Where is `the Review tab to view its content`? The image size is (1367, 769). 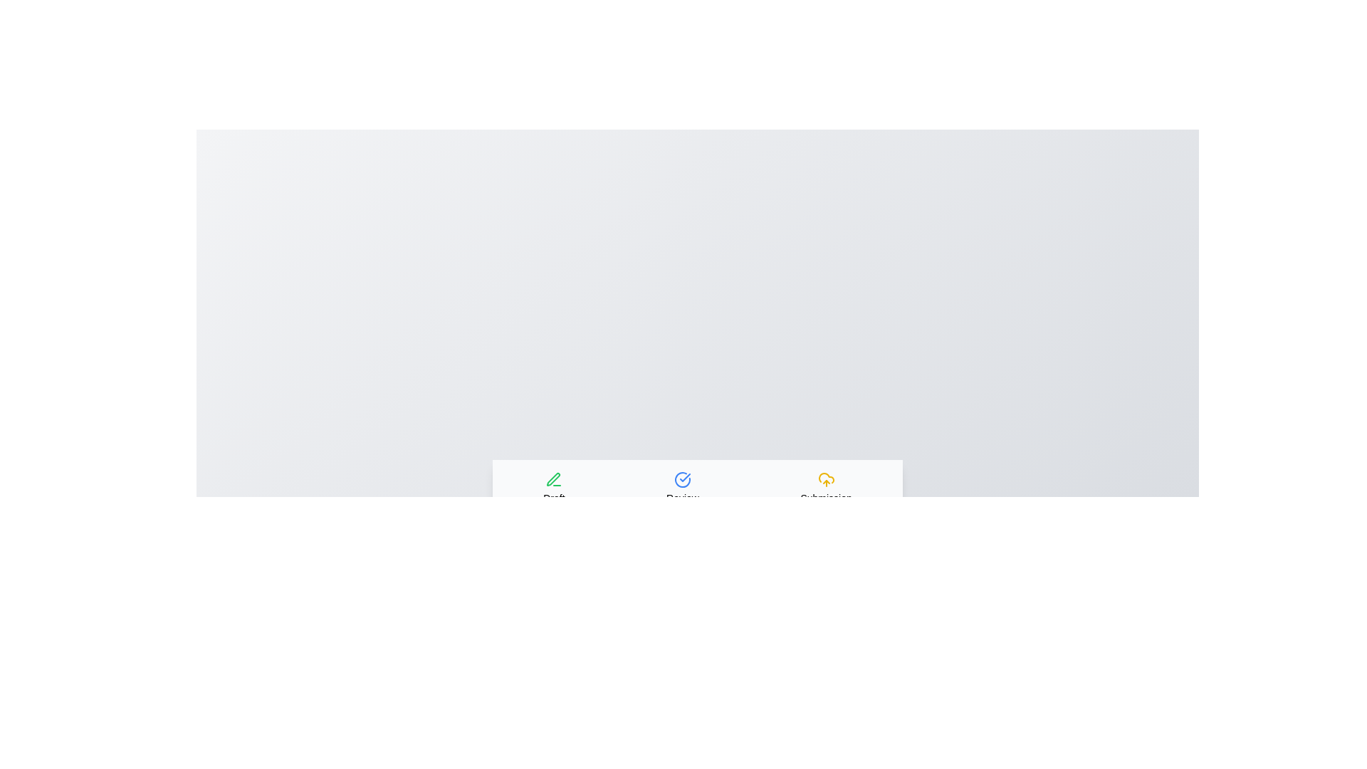
the Review tab to view its content is located at coordinates (681, 487).